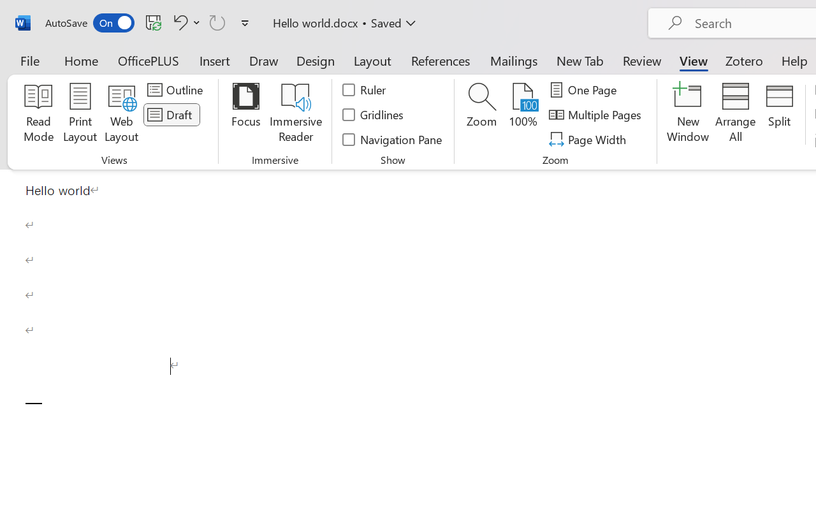  Describe the element at coordinates (121, 114) in the screenshot. I see `'Web Layout'` at that location.